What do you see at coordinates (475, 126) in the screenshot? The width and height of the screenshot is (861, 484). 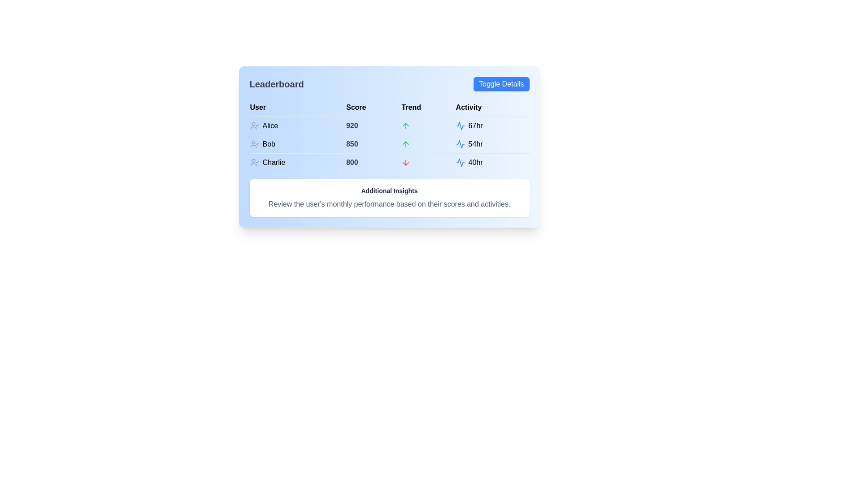 I see `the text label showing Alice's activity in the leaderboard under the 'Activity' column for more details` at bounding box center [475, 126].